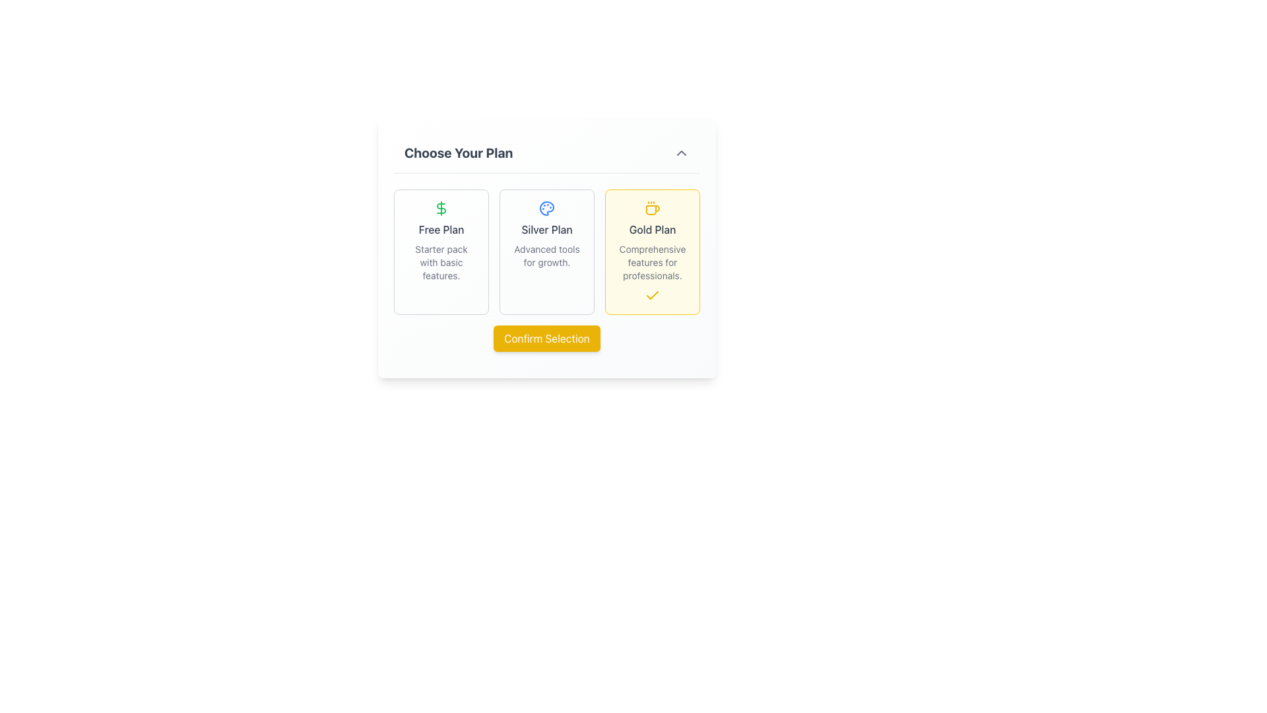 This screenshot has height=713, width=1267. I want to click on descriptive text label regarding the 'Gold Plan' located in the rightmost column of the three-column layout, positioned below the 'Gold Plan' title, so click(652, 262).